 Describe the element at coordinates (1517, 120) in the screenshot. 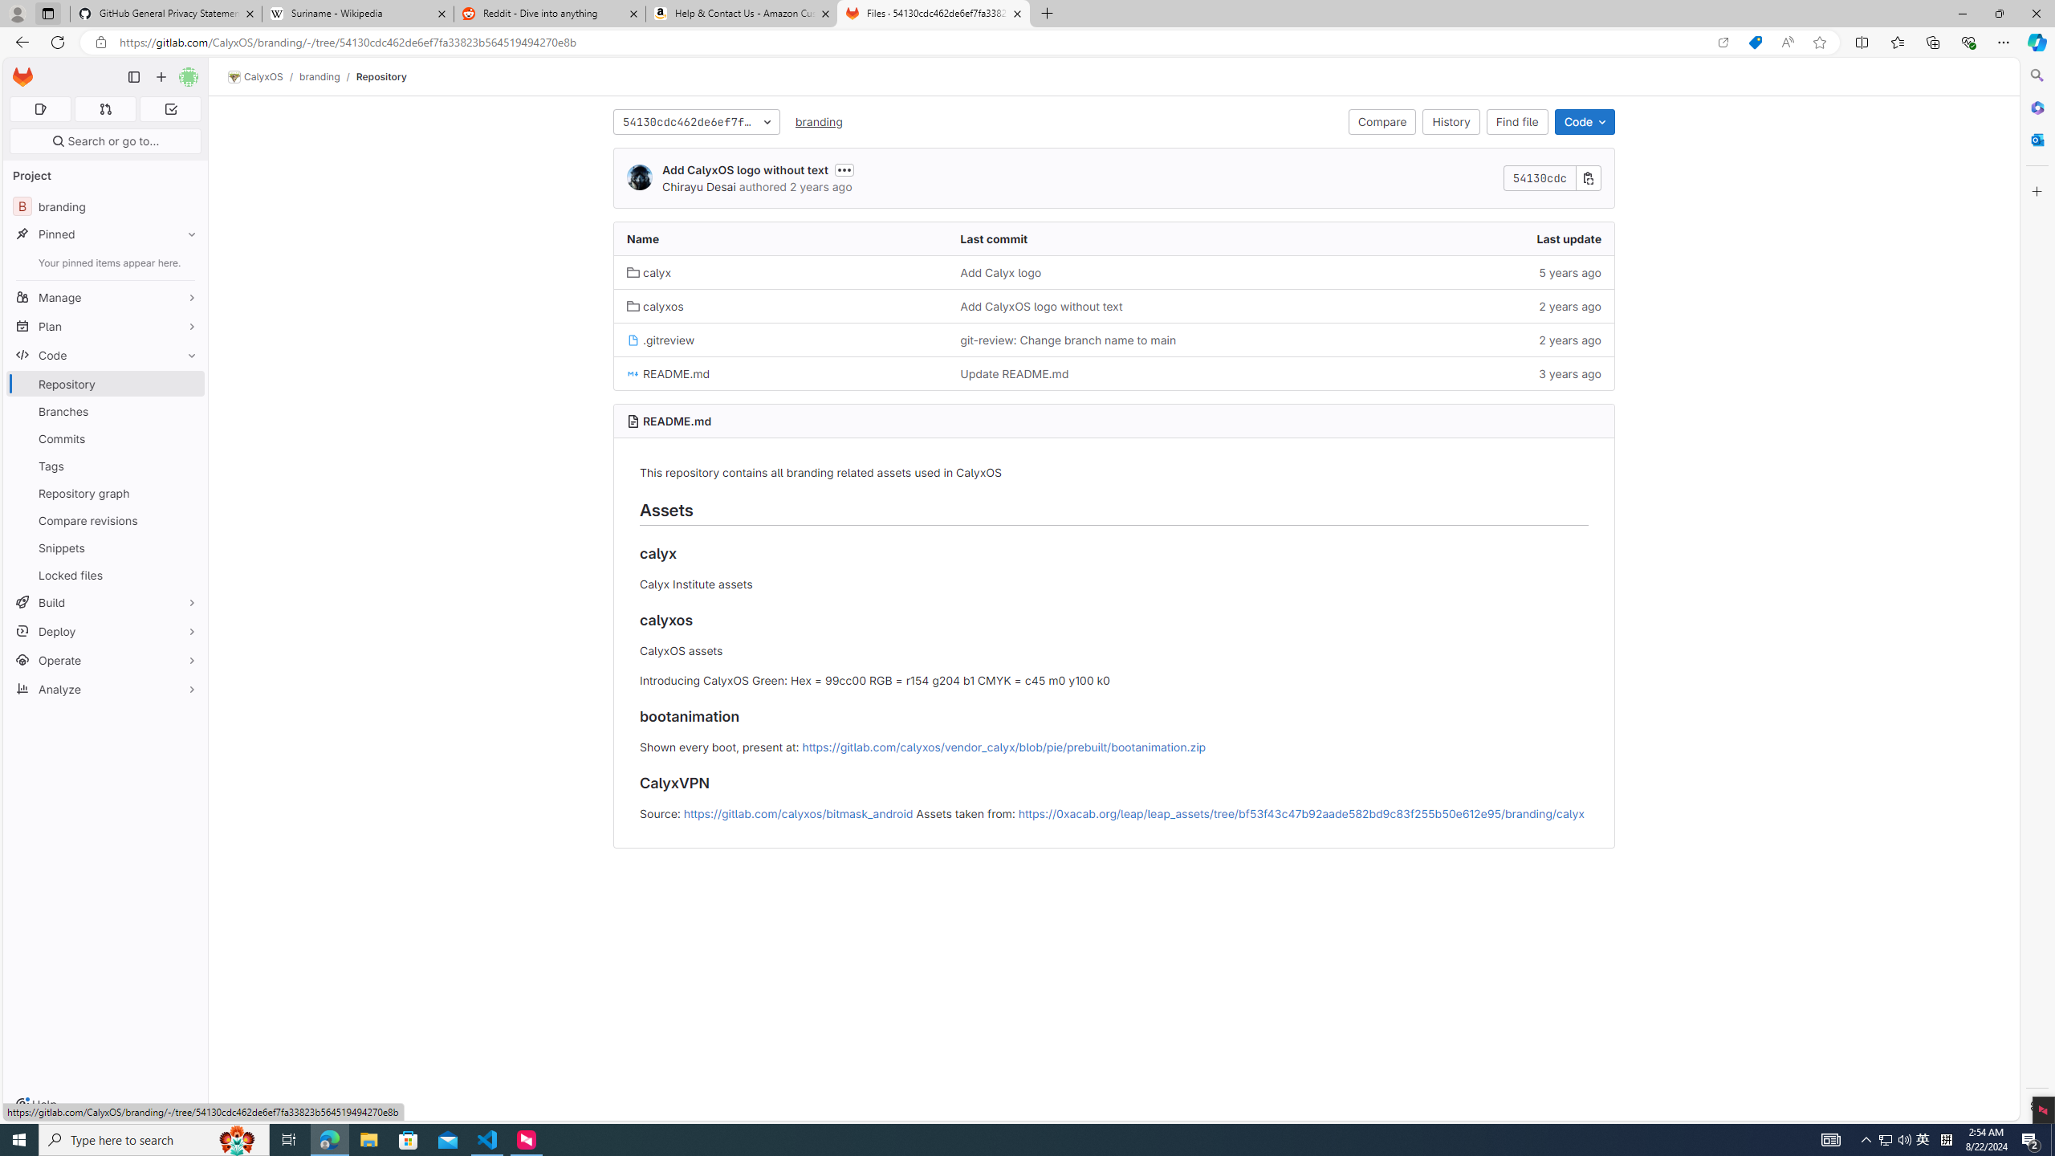

I see `'Find file'` at that location.